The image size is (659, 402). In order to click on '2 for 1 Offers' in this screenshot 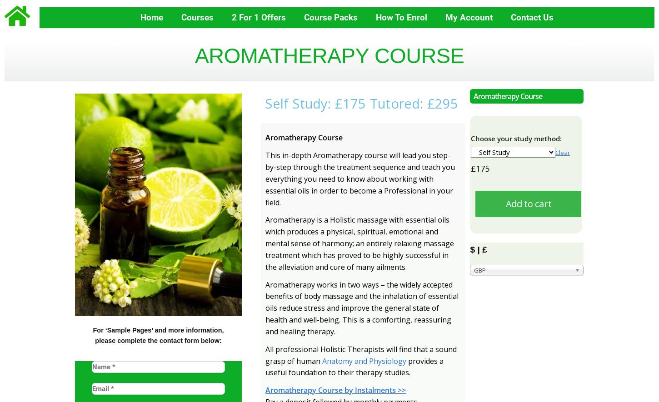, I will do `click(258, 17)`.